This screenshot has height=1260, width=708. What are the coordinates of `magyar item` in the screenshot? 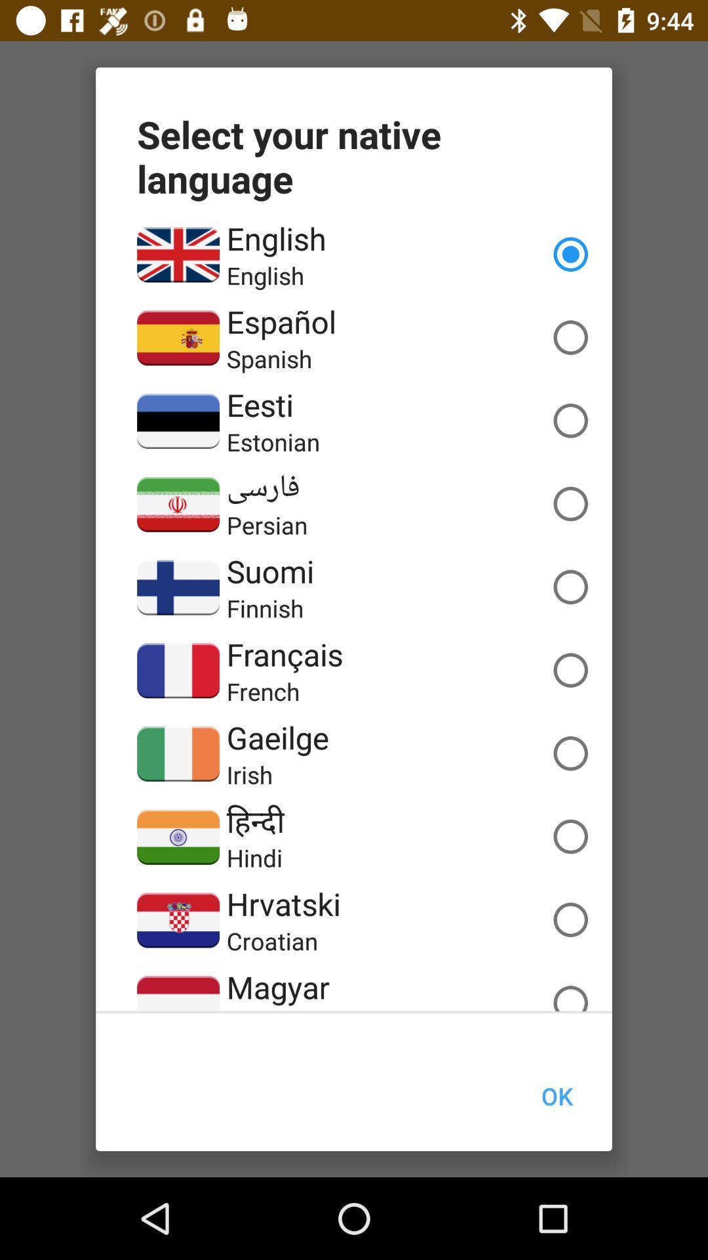 It's located at (277, 987).